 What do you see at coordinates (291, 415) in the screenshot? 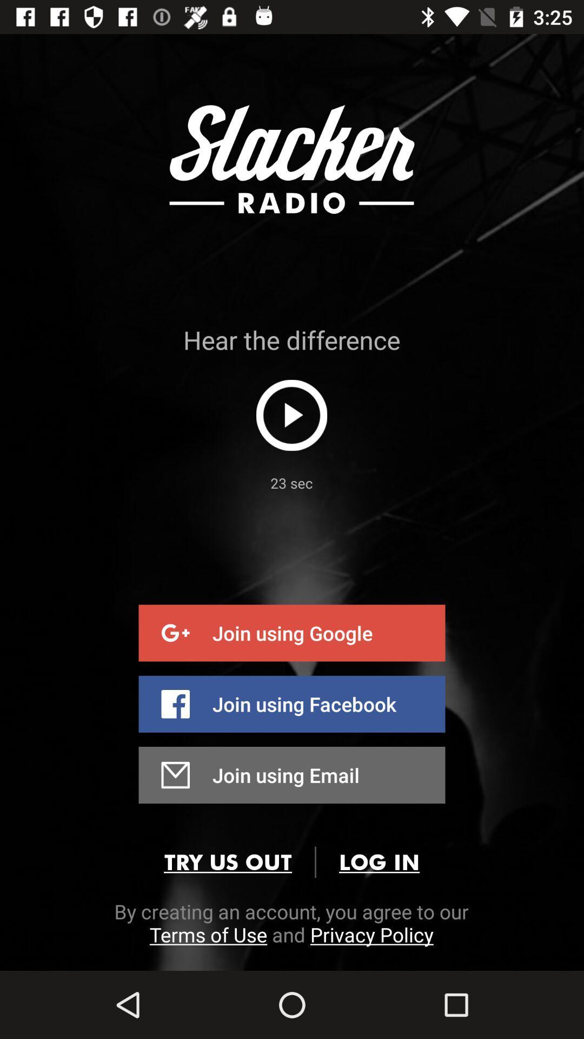
I see `the play icon` at bounding box center [291, 415].